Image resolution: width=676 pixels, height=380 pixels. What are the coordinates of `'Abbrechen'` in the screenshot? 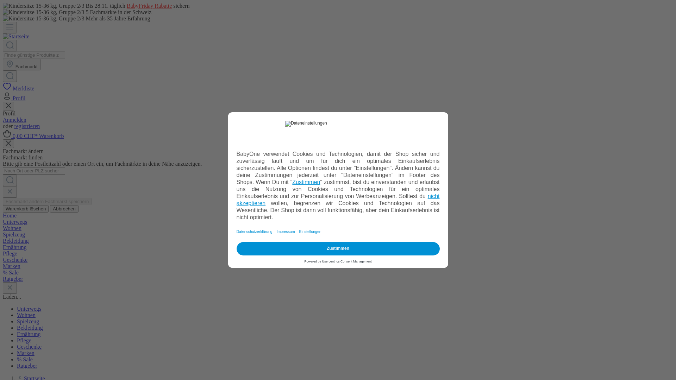 It's located at (64, 208).